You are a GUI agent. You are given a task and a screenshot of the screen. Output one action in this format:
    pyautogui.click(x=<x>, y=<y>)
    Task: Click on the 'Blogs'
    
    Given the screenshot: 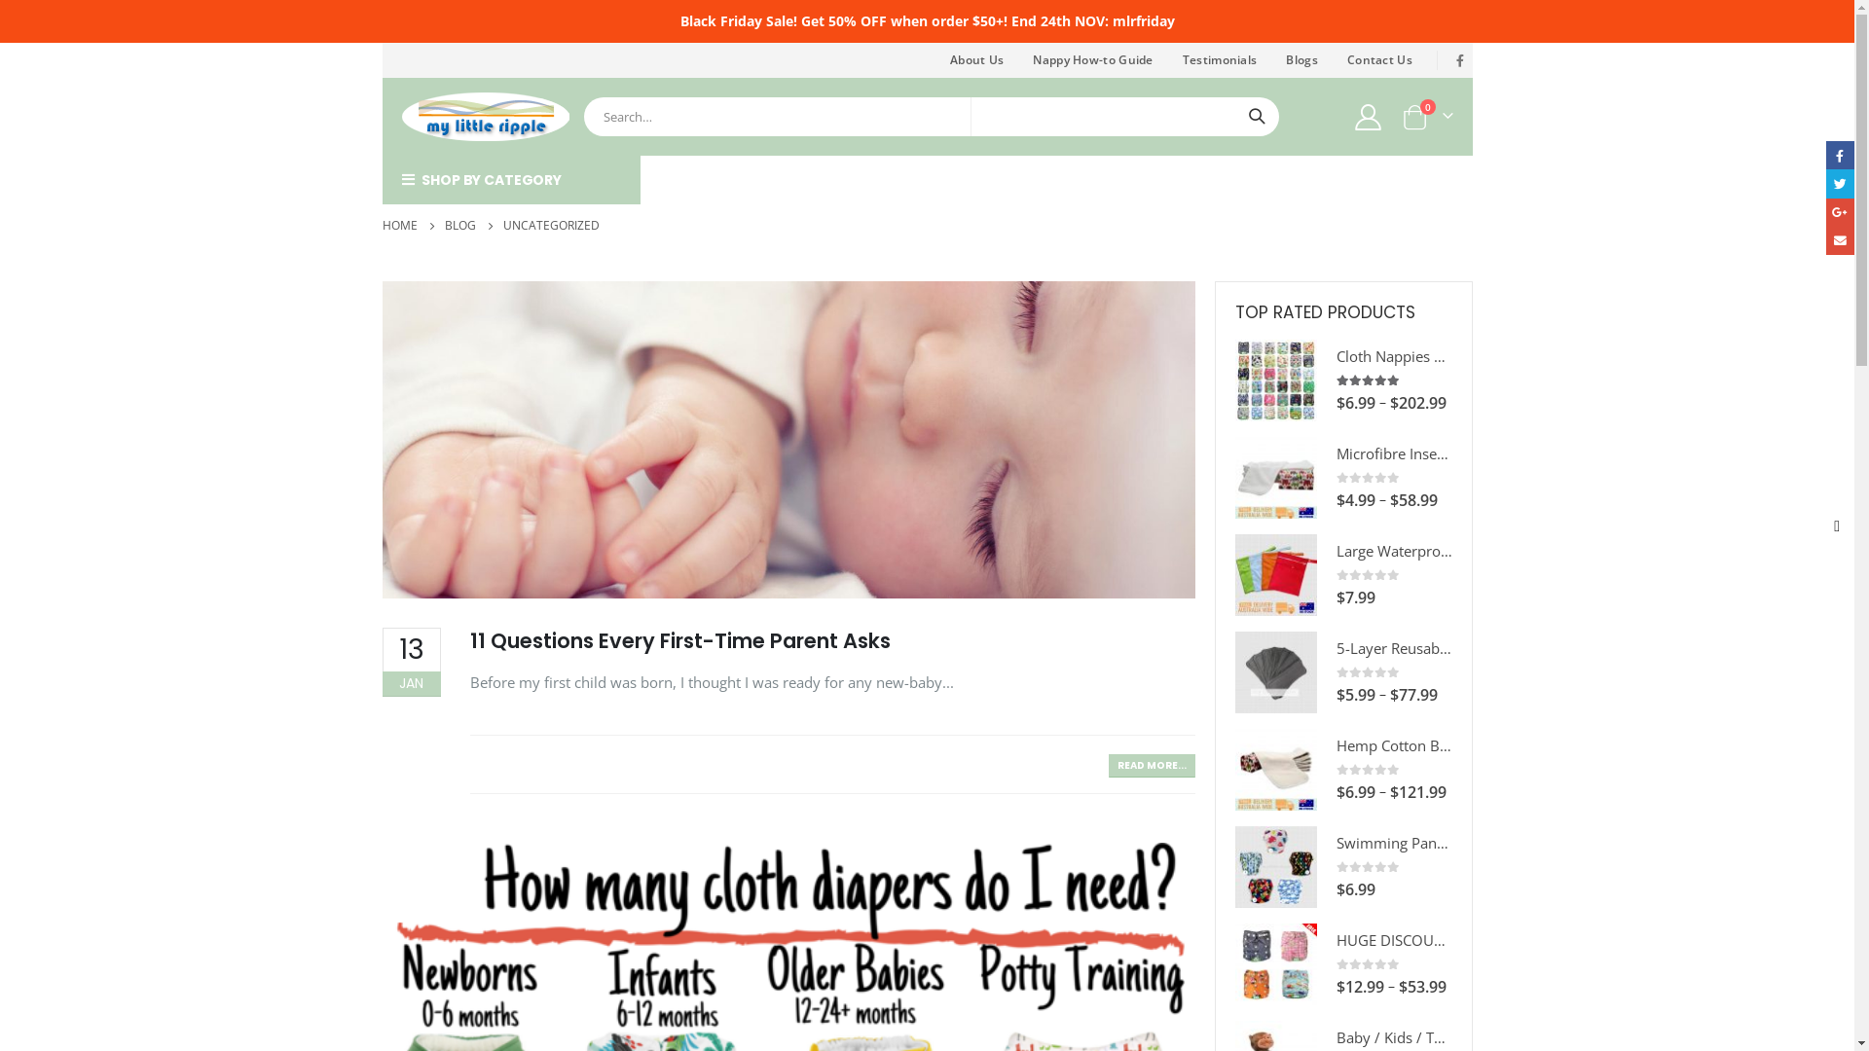 What is the action you would take?
    pyautogui.click(x=1301, y=58)
    